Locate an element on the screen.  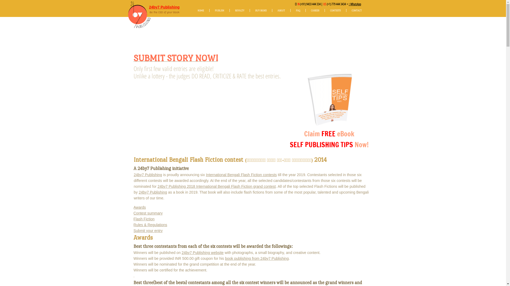
'PUBLISH' is located at coordinates (219, 10).